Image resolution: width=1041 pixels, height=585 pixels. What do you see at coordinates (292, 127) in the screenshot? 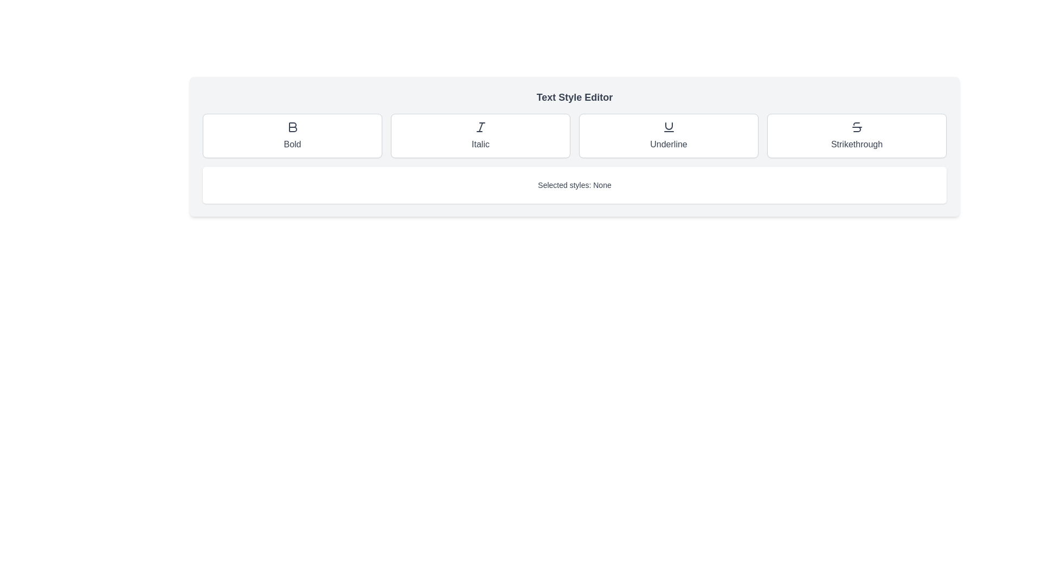
I see `the bold-style icon represented by a stylized letter 'B' within the rectangular button` at bounding box center [292, 127].